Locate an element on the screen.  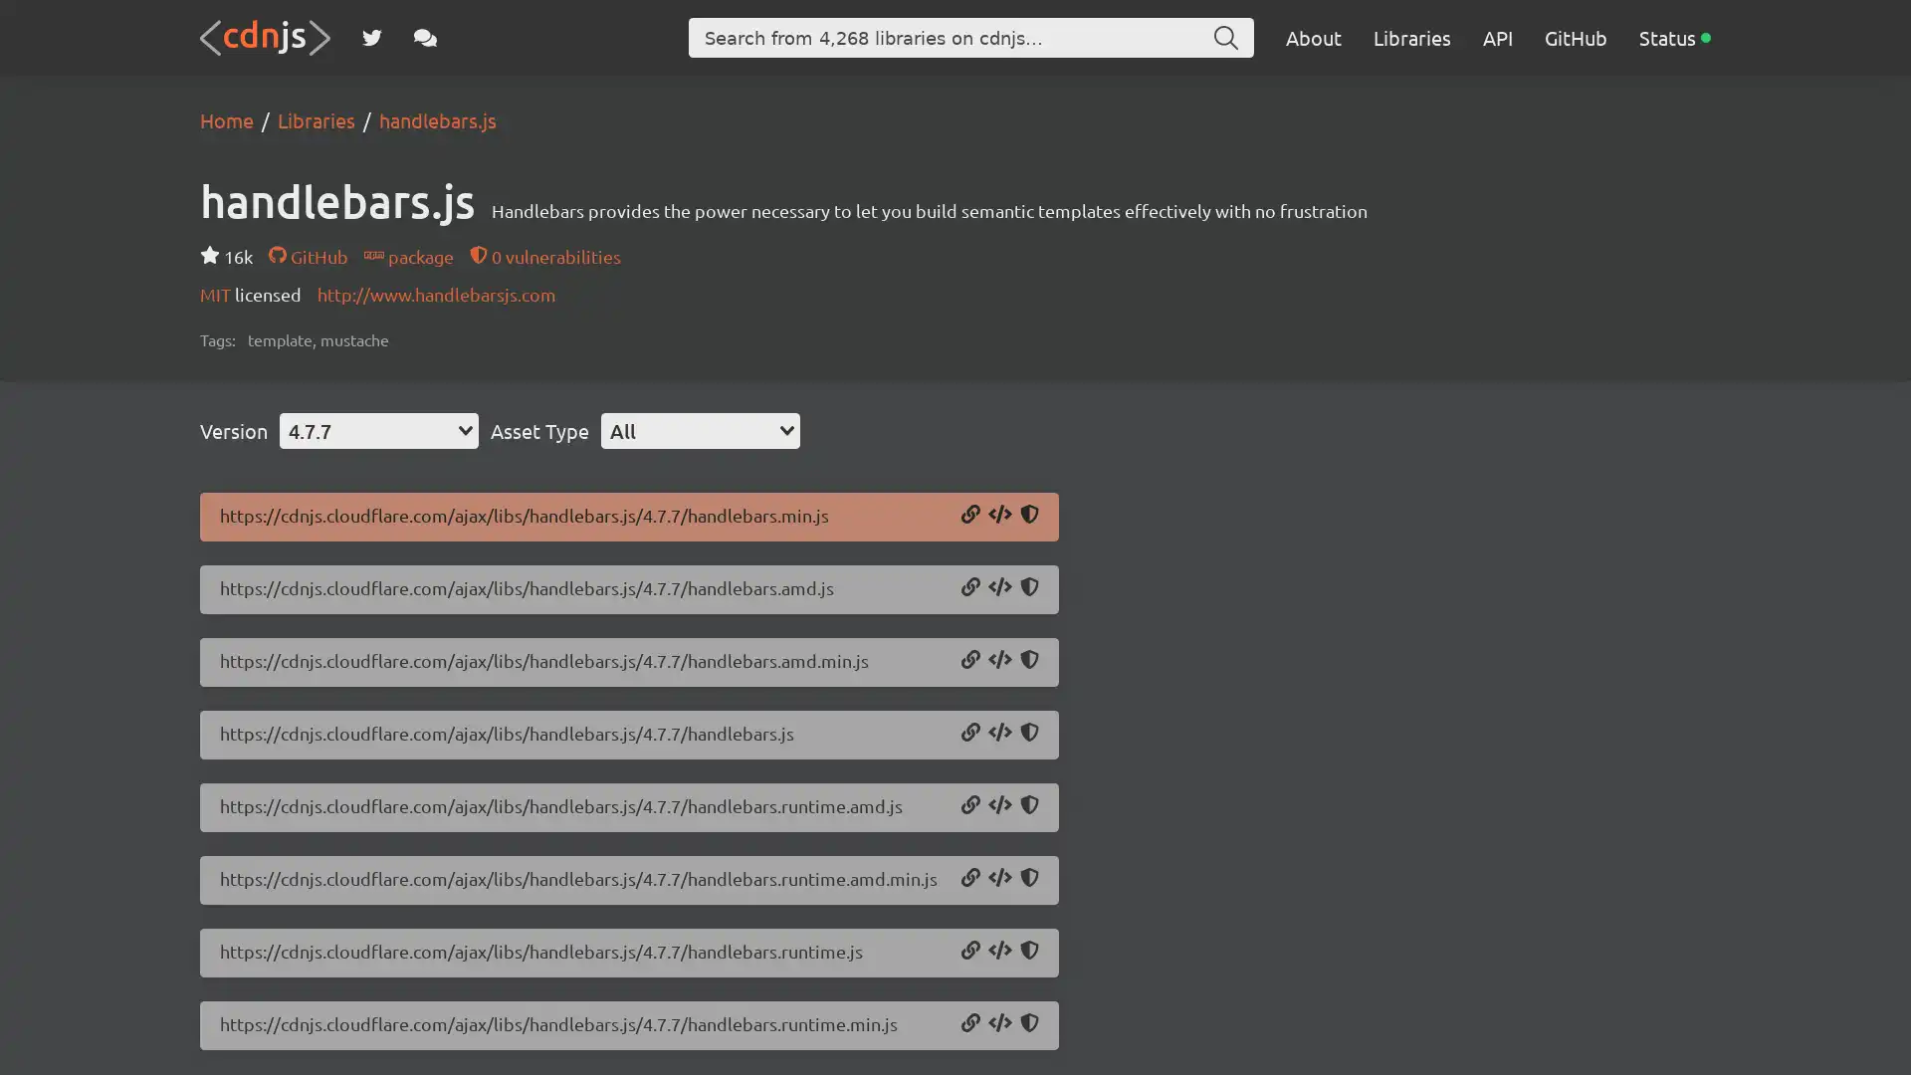
Copy URL is located at coordinates (970, 806).